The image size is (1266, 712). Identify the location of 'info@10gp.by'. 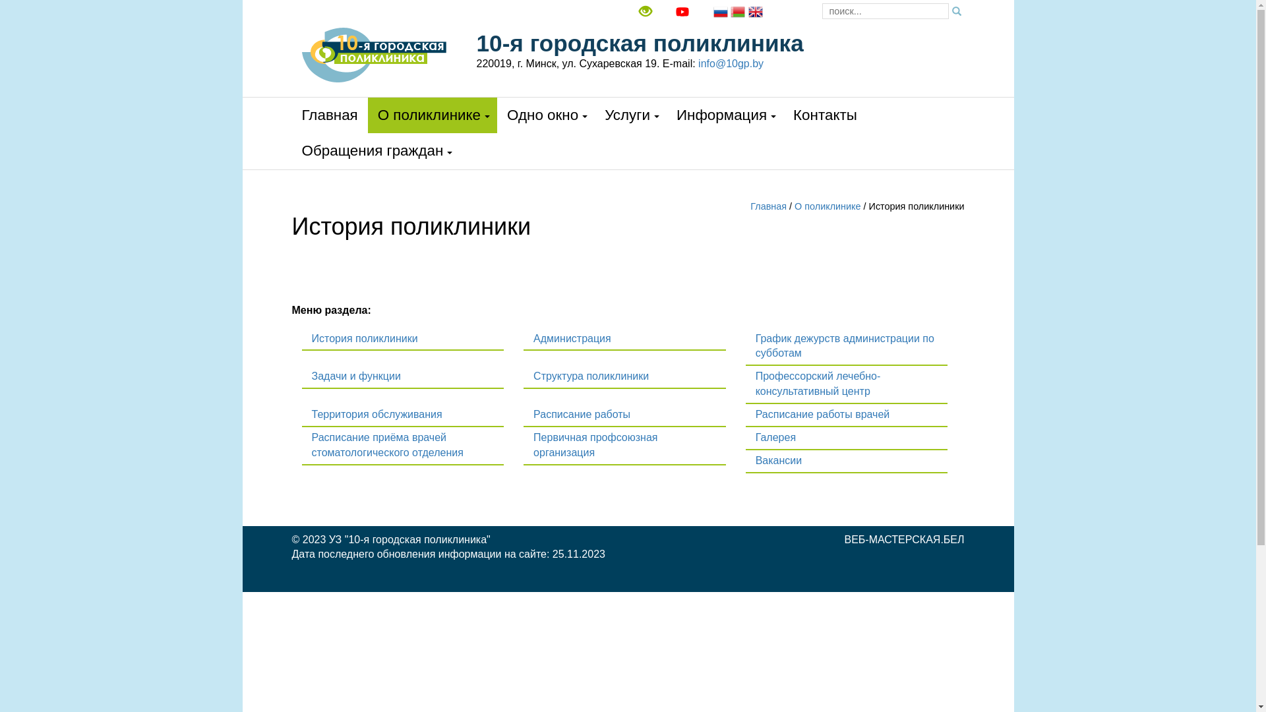
(730, 63).